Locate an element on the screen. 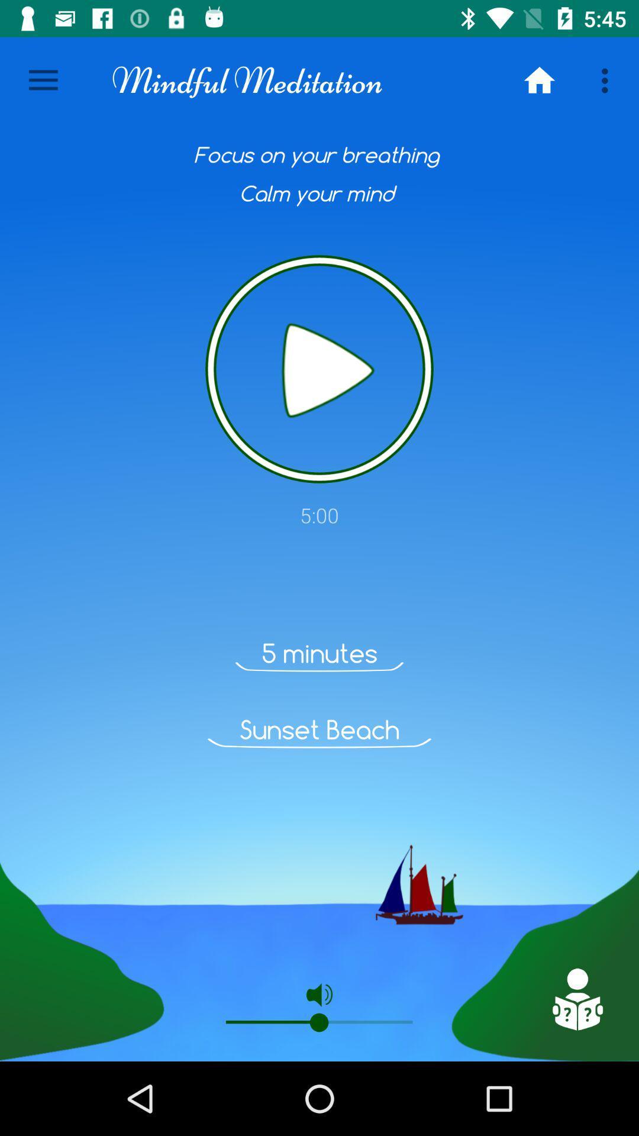 This screenshot has width=639, height=1136. button is located at coordinates (319, 369).